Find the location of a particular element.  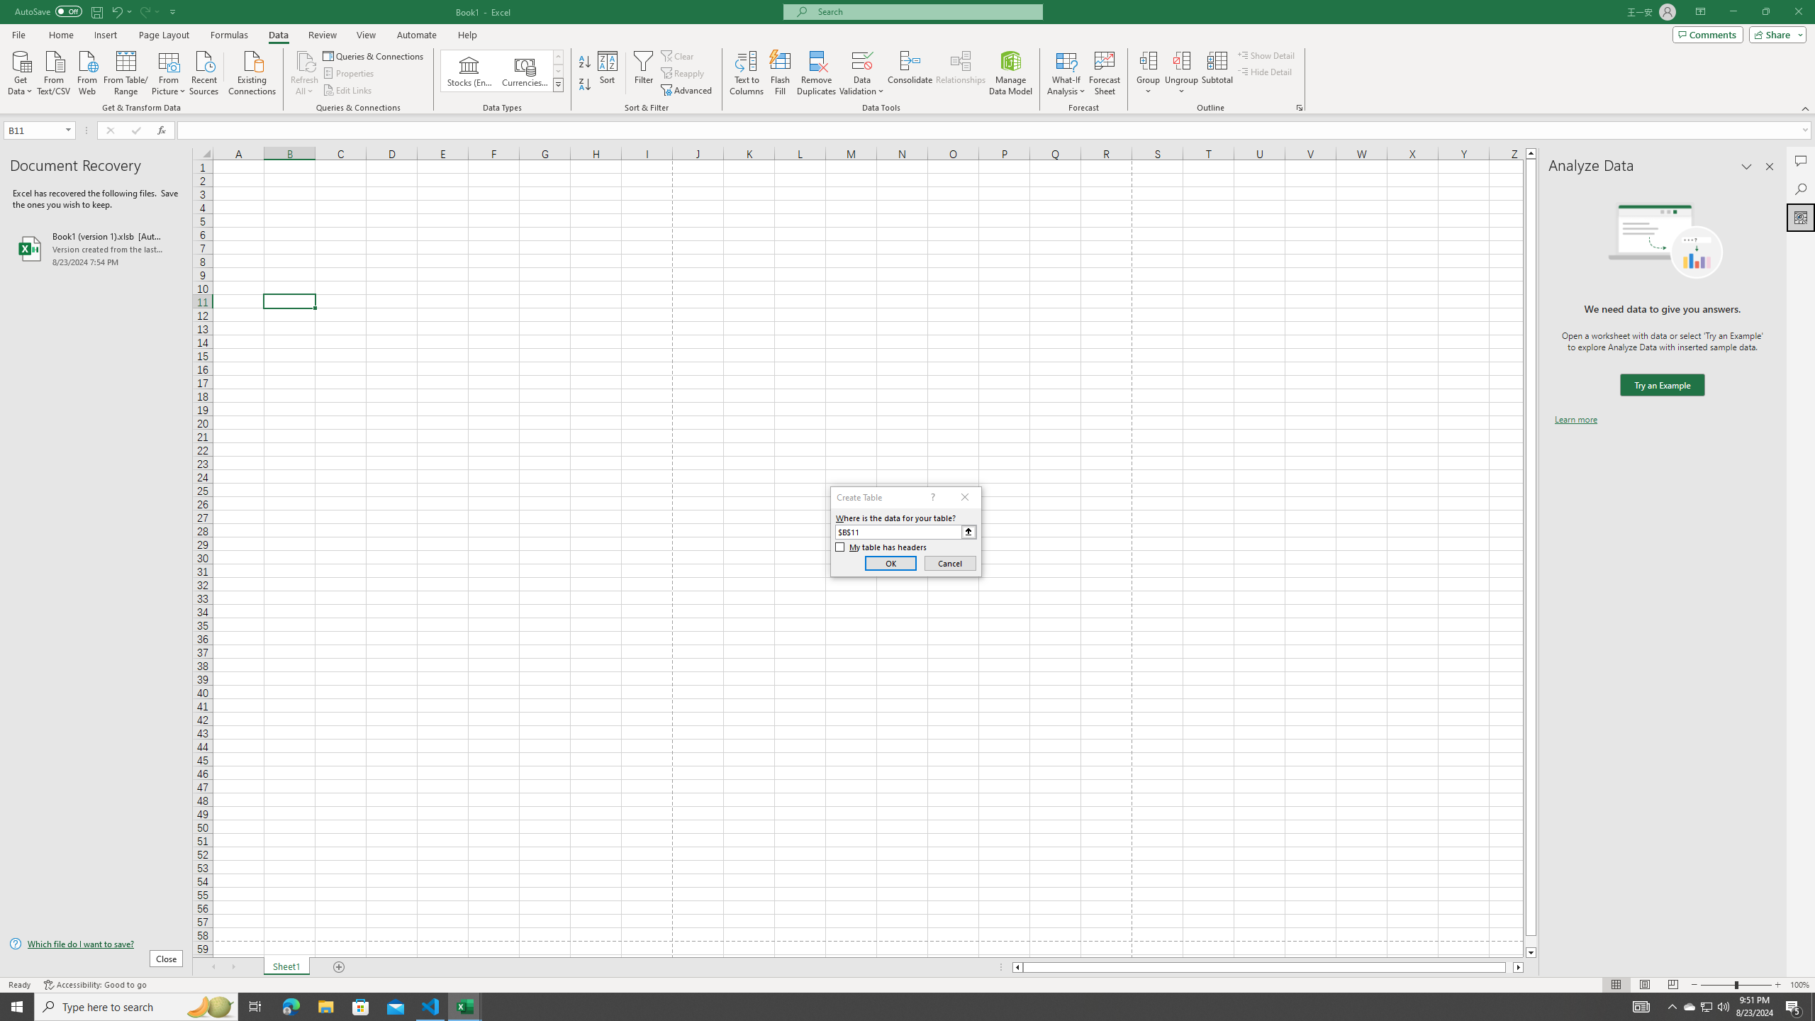

'Column left' is located at coordinates (1017, 966).